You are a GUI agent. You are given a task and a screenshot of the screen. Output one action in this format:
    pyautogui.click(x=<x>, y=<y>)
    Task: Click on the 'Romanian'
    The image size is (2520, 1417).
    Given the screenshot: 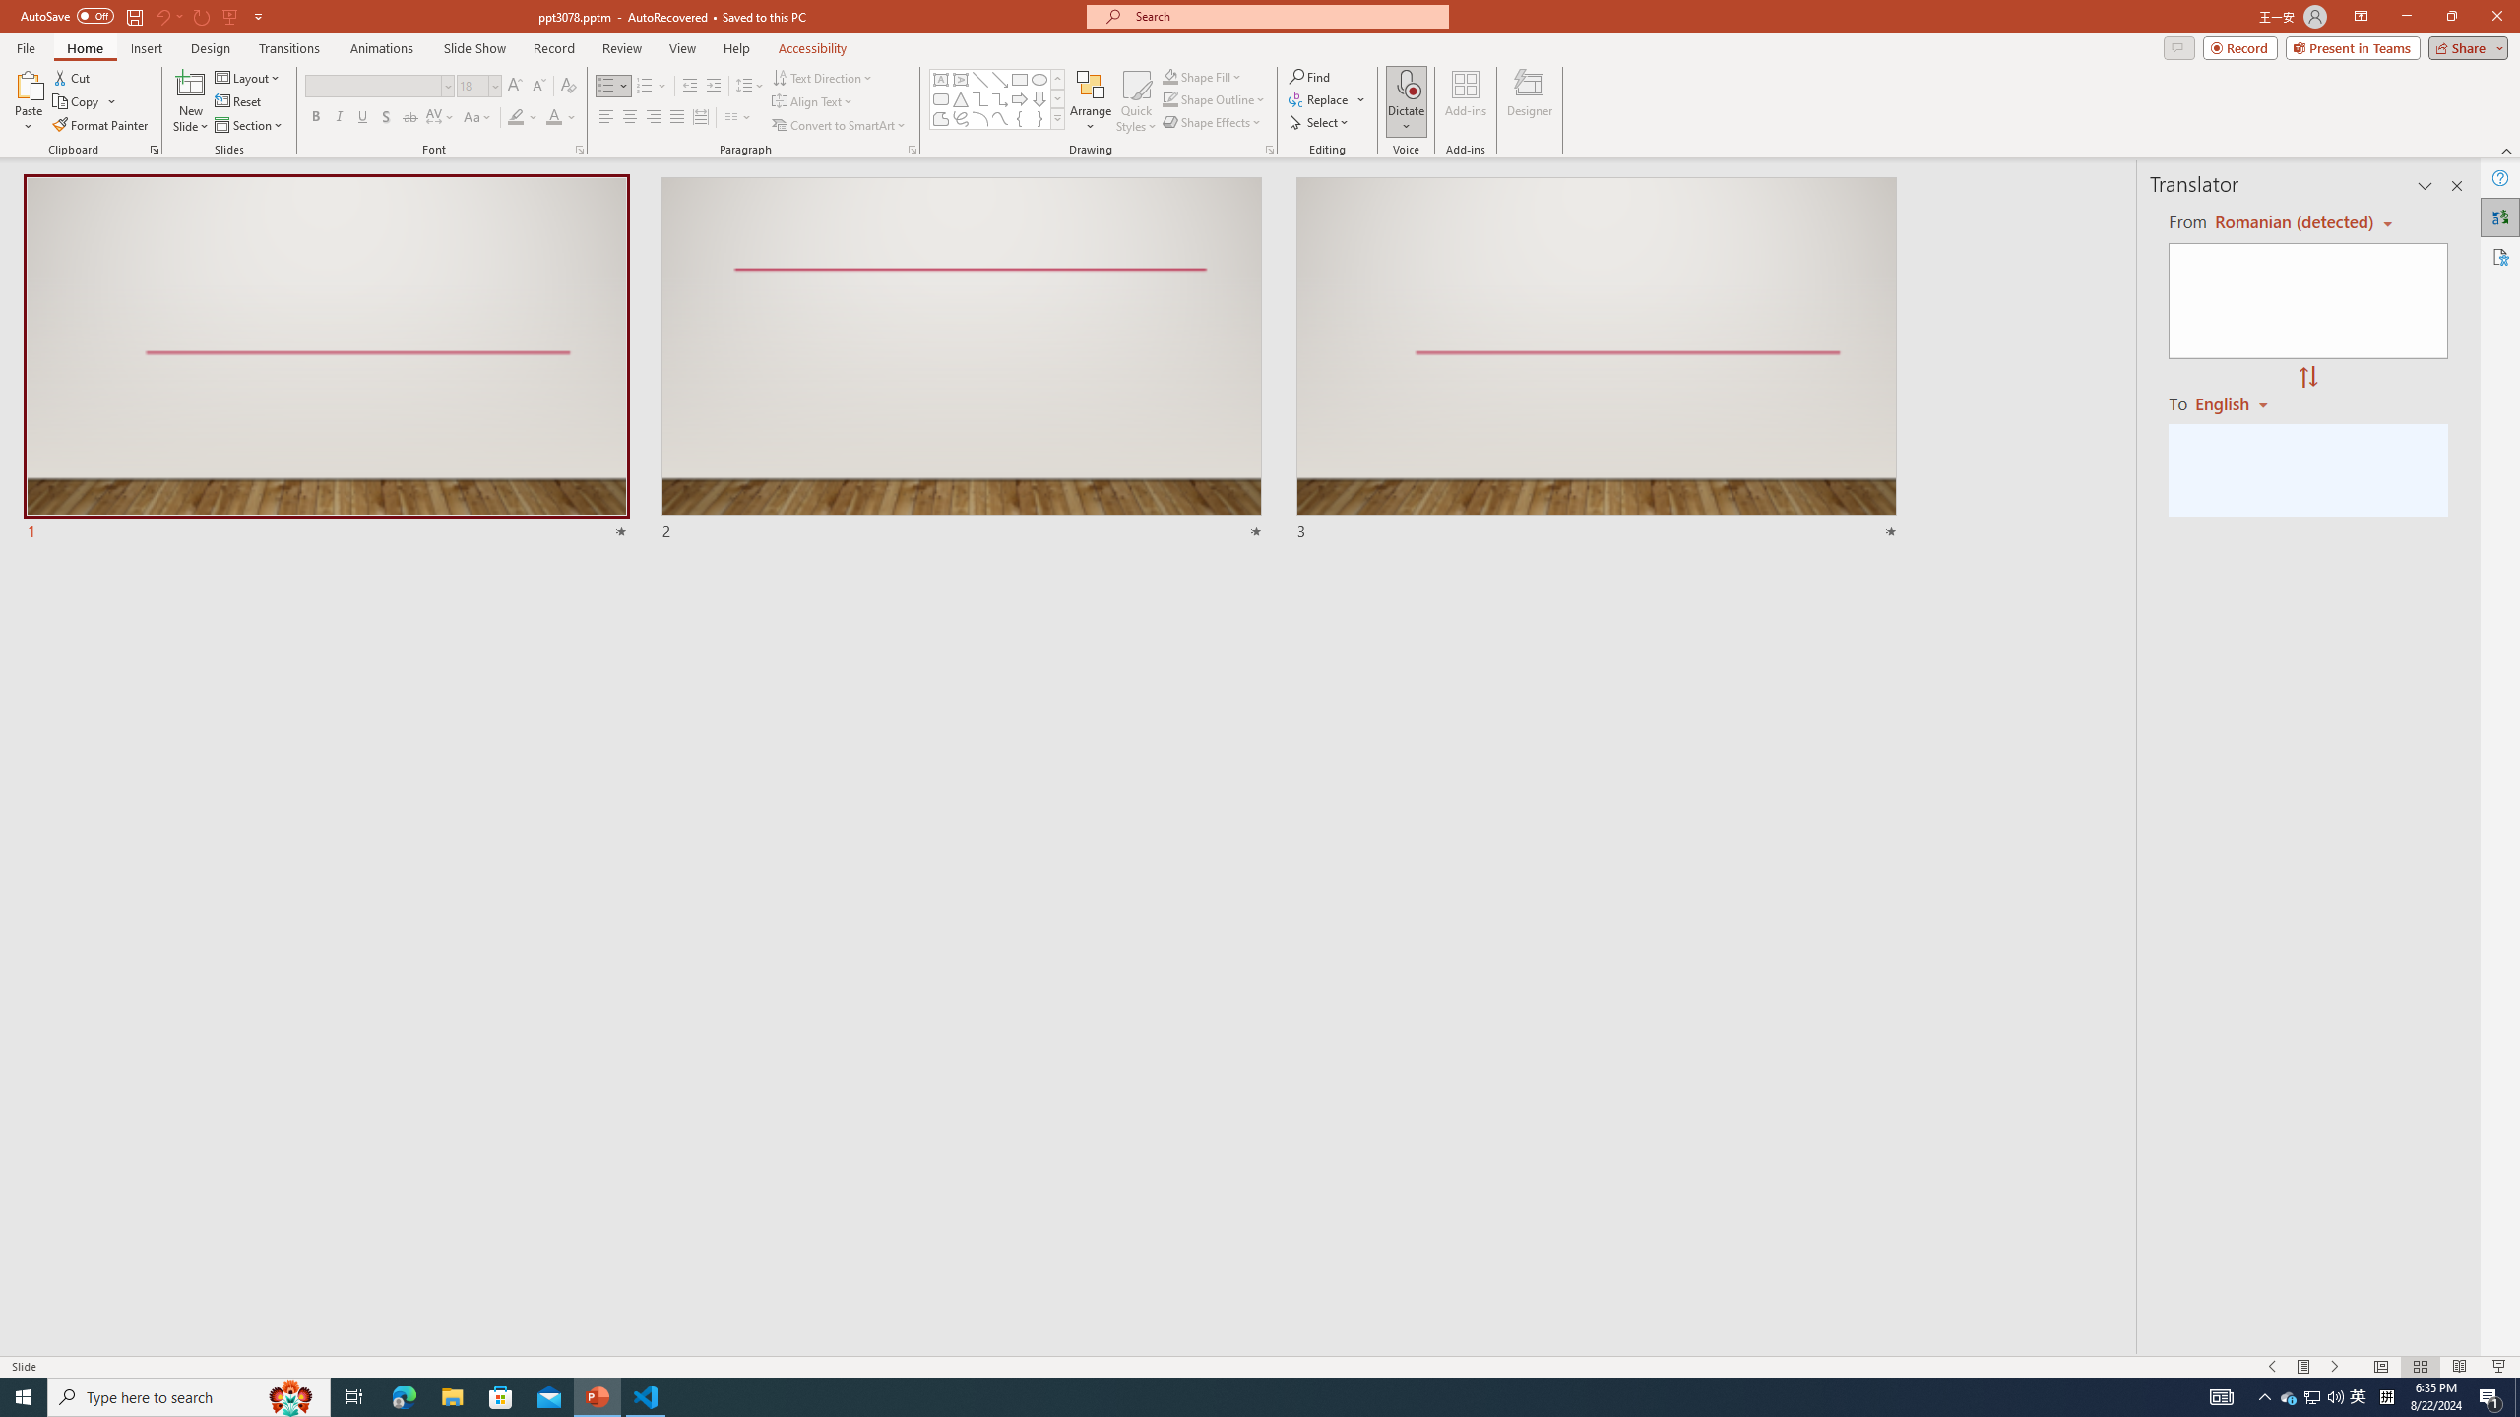 What is the action you would take?
    pyautogui.click(x=2238, y=402)
    